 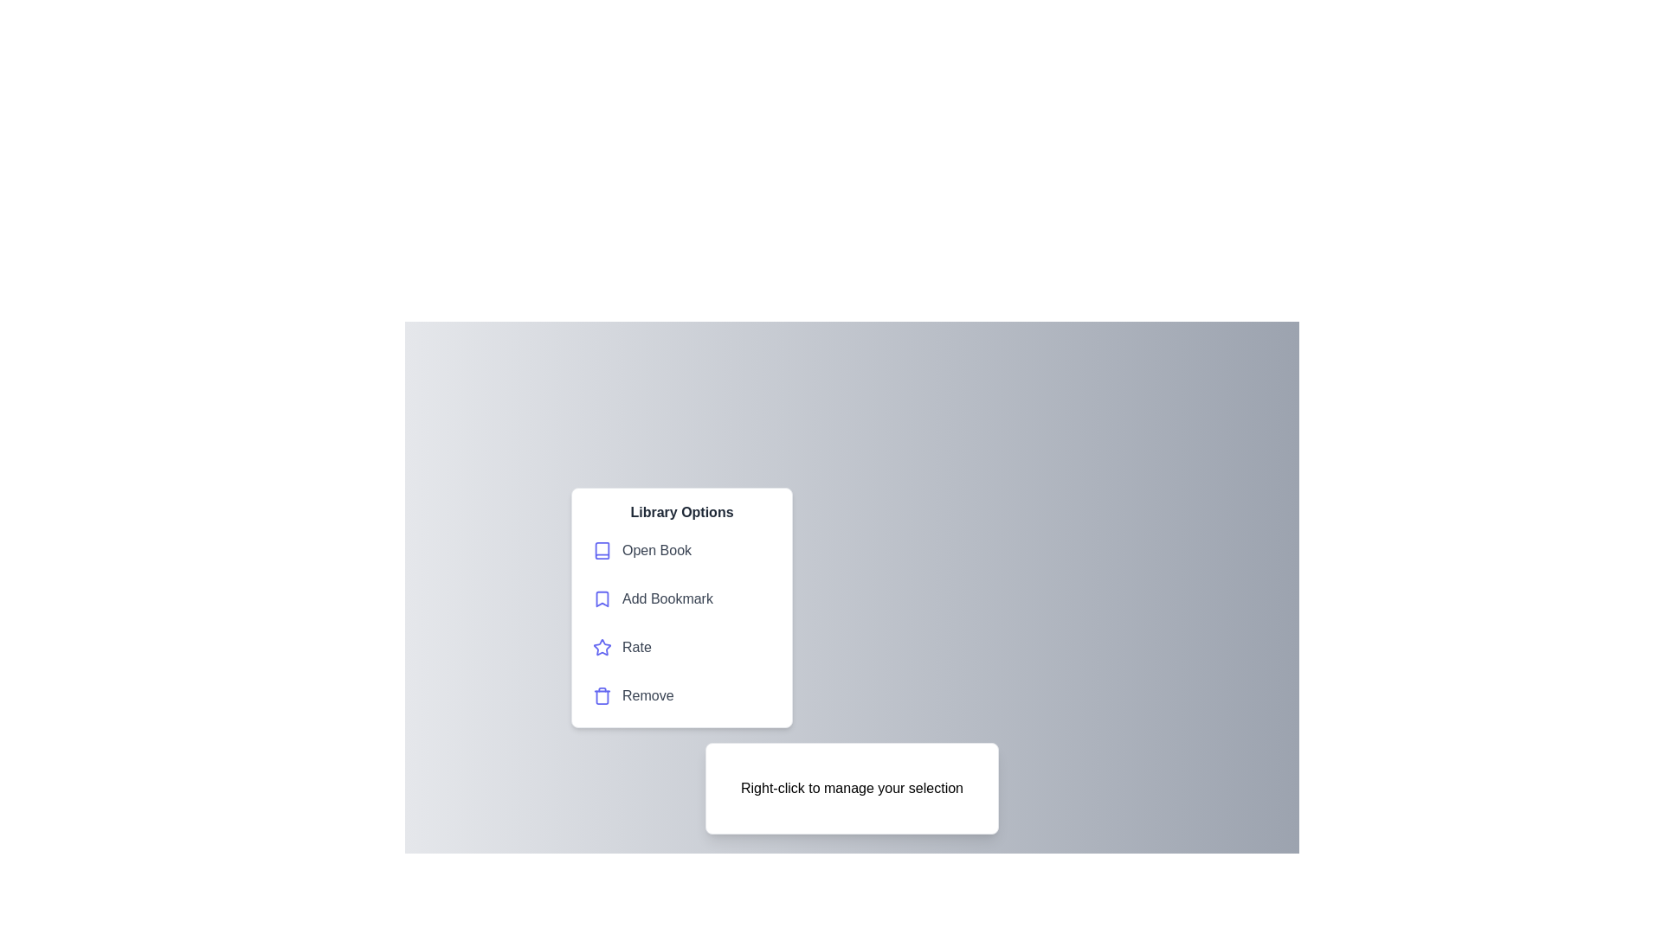 I want to click on the Add Bookmark from the context menu, so click(x=680, y=598).